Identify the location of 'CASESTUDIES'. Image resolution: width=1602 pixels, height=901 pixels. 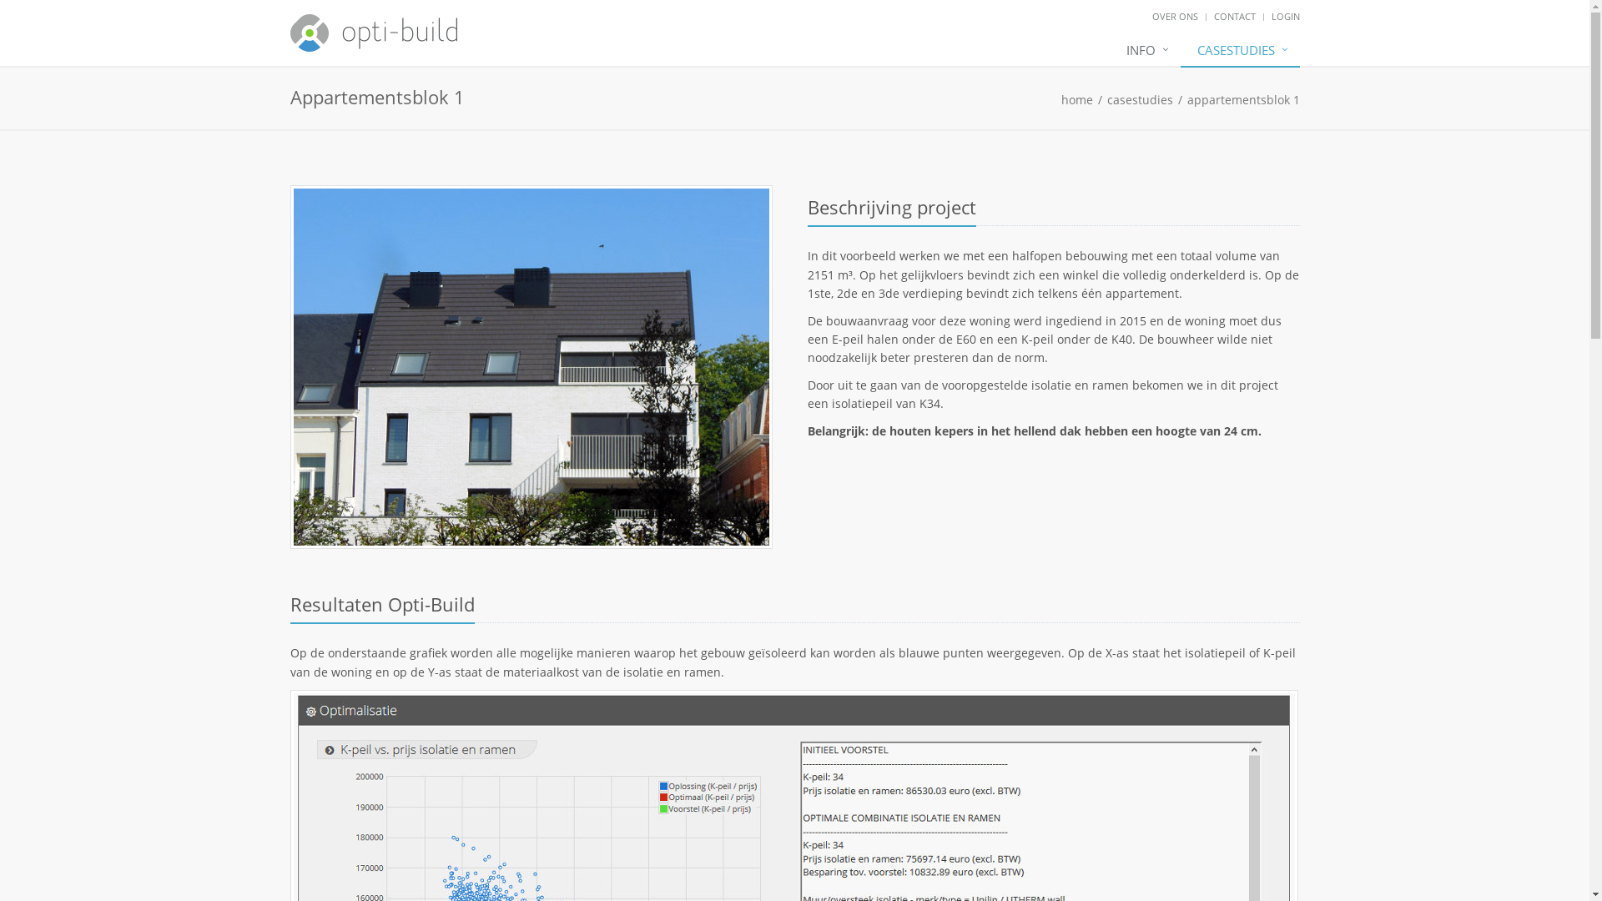
(1239, 50).